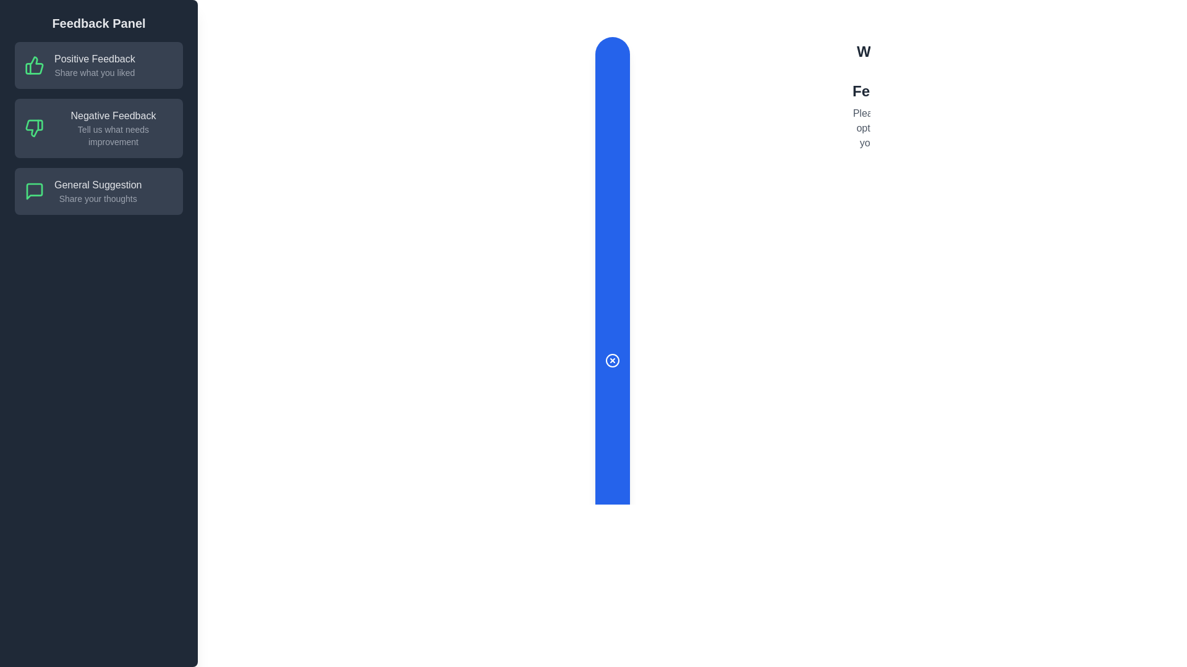  What do you see at coordinates (98, 191) in the screenshot?
I see `the feedback option General Suggestion by clicking on the corresponding area` at bounding box center [98, 191].